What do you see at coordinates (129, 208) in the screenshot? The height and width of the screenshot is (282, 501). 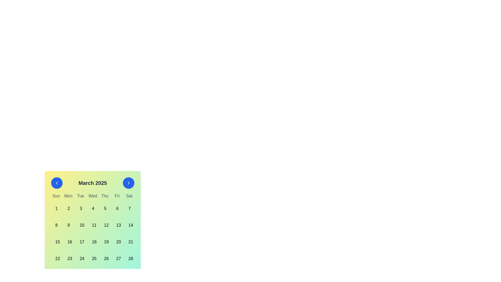 I see `the calendar date cell that represents the seventh day of March 2025, located under the 'Sat' column` at bounding box center [129, 208].